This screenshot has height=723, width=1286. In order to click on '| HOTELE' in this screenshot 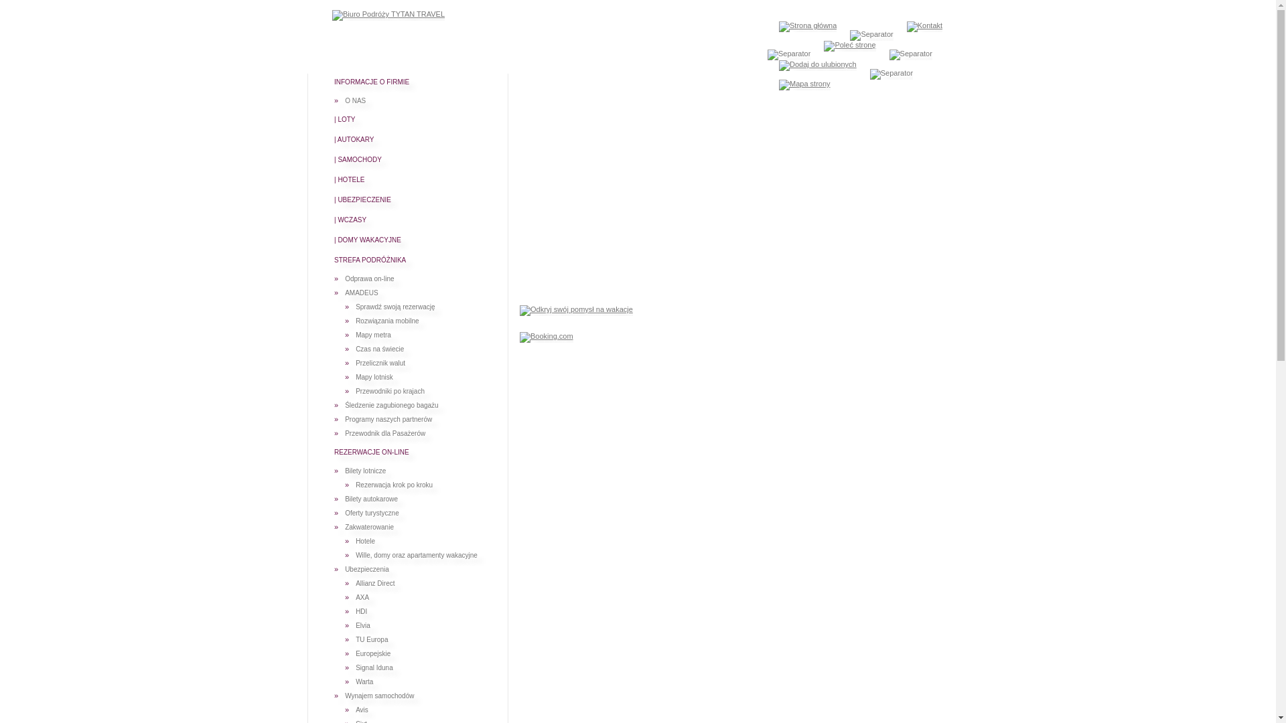, I will do `click(349, 179)`.